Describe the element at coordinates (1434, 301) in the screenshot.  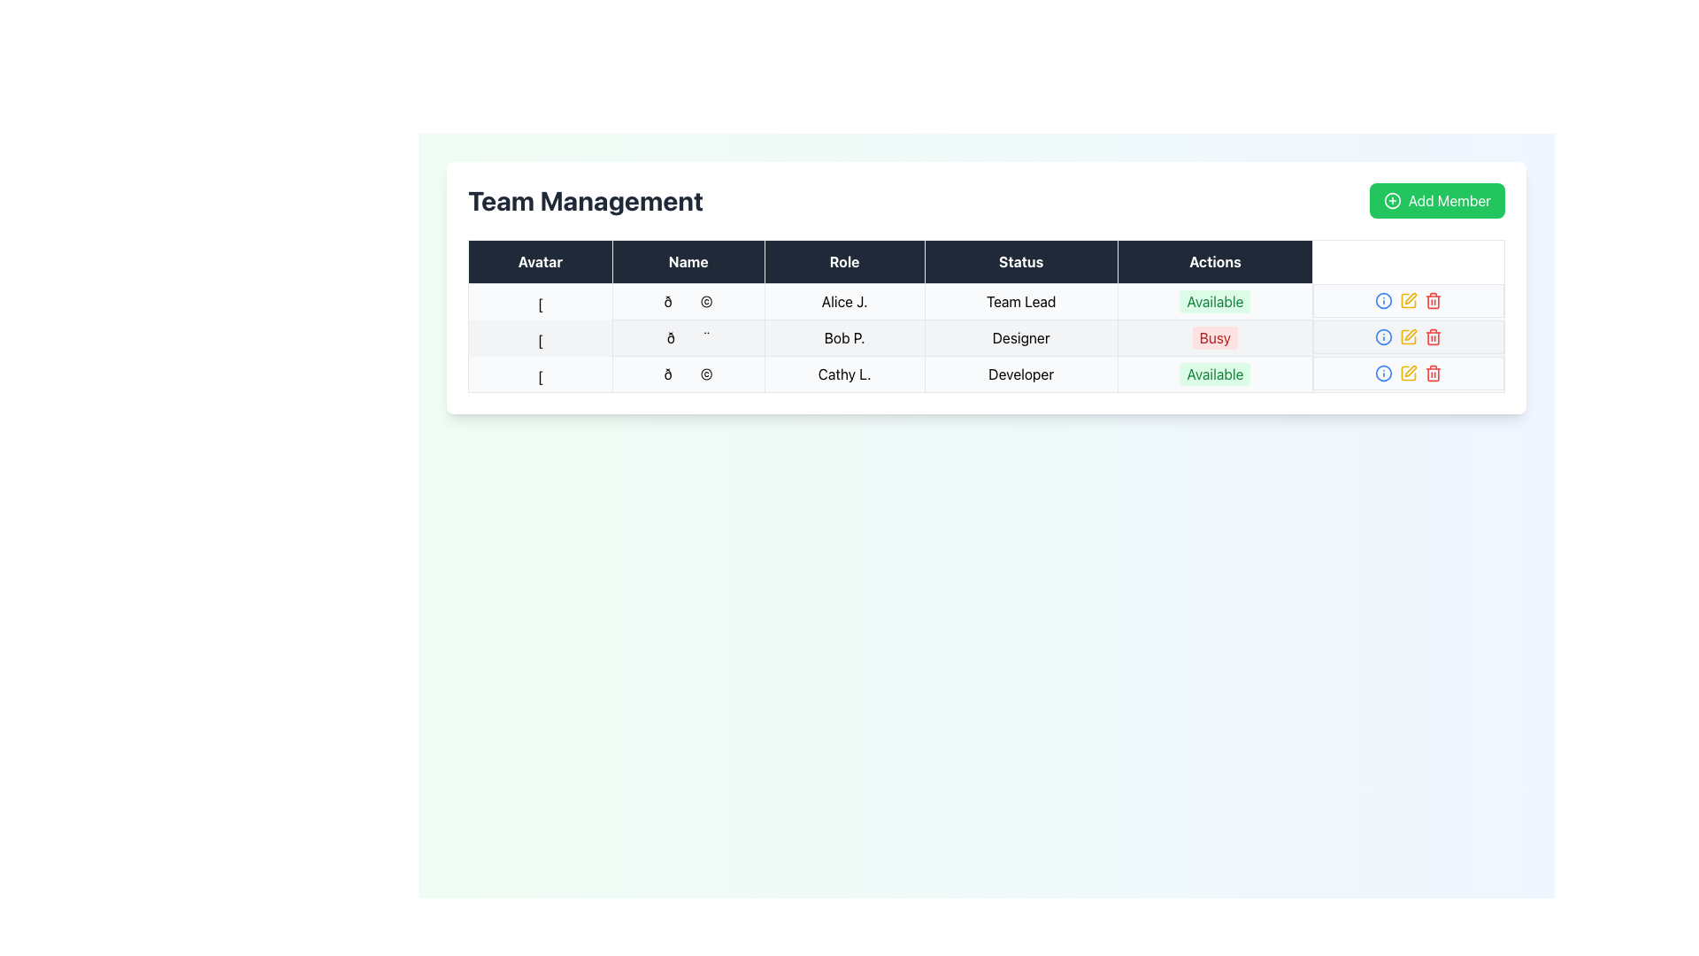
I see `the trash/delete icon located in the 'Actions' column of the table under the 'Team Management' section to initiate the delete action` at that location.